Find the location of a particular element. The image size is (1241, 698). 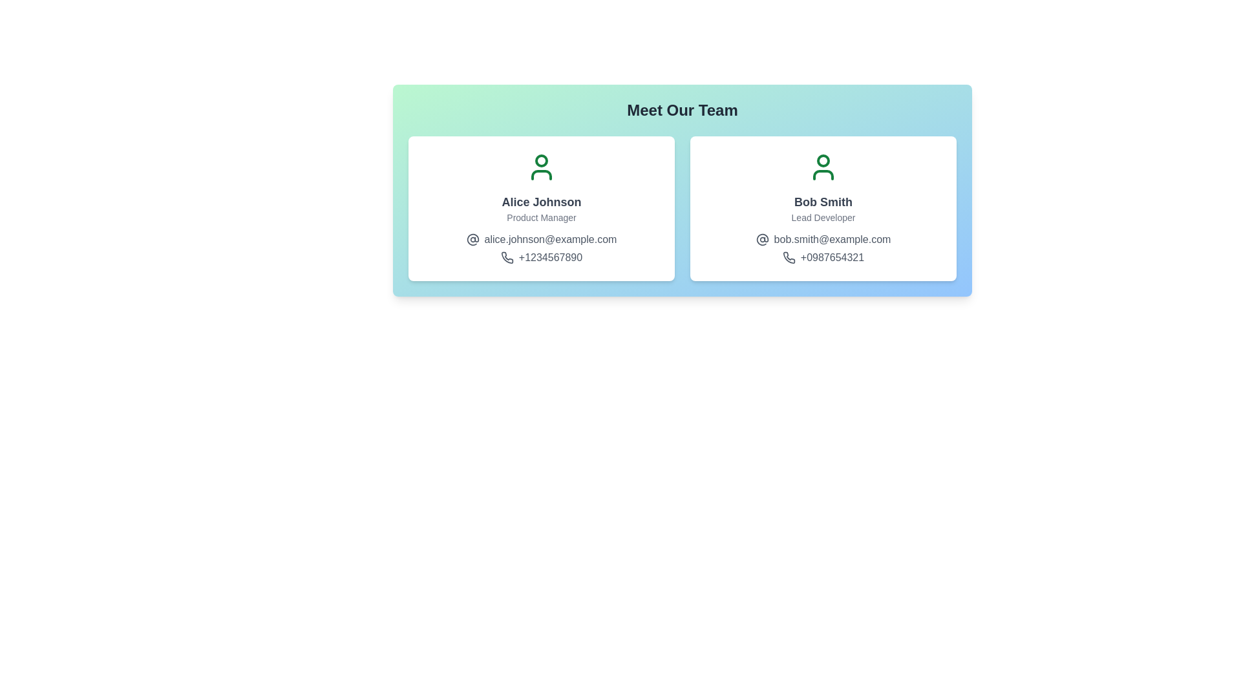

the phone icon located in the right user profile card is located at coordinates (788, 257).